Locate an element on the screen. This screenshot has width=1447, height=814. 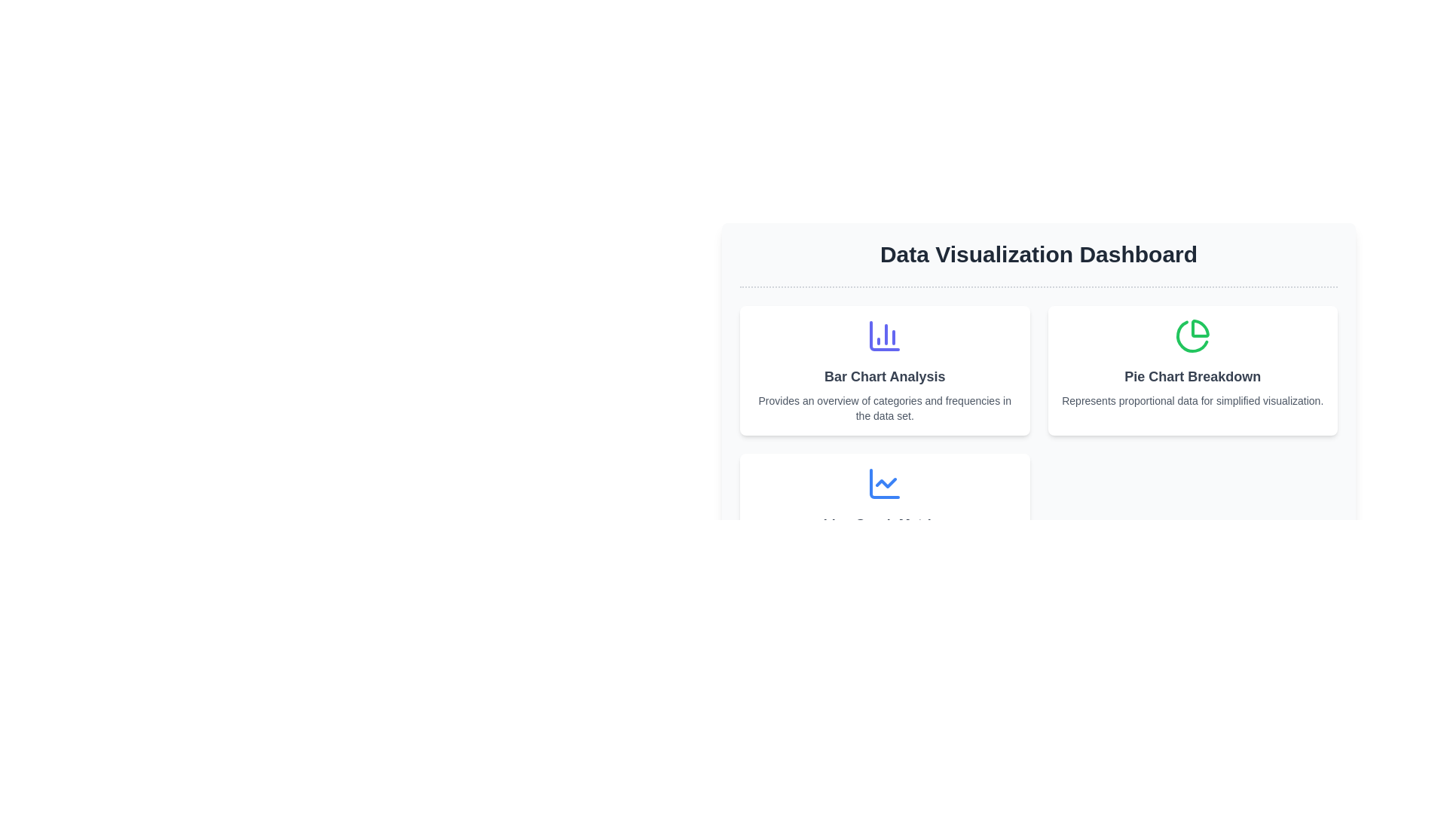
the thin horizontal dotted gray Separator Line located beneath the title 'Data Visualization Dashboard' in the dashboard is located at coordinates (1038, 287).